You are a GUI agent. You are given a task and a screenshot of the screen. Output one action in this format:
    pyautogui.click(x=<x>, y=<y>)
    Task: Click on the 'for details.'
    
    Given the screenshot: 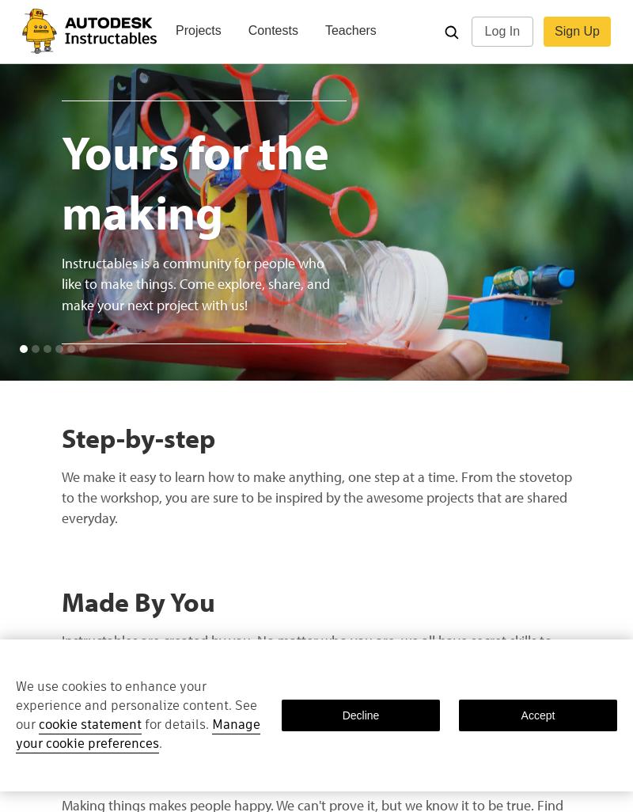 What is the action you would take?
    pyautogui.click(x=176, y=723)
    